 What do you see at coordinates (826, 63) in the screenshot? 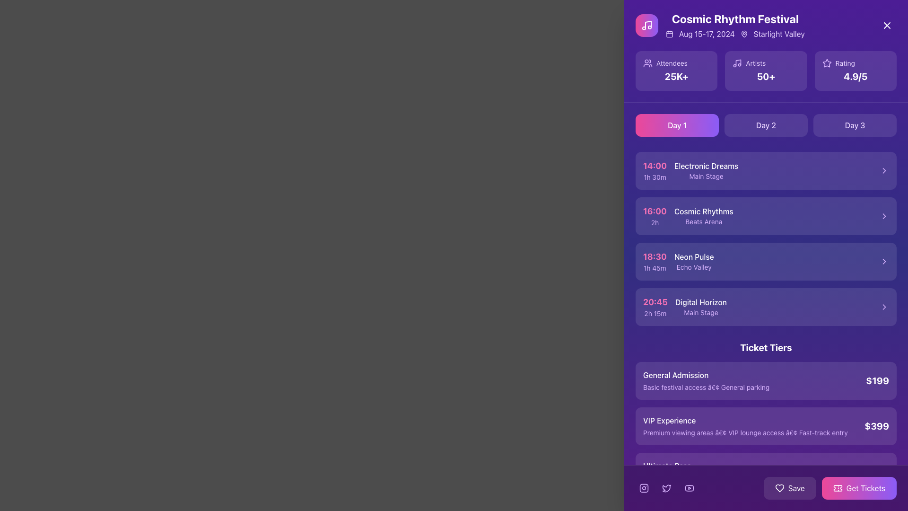
I see `the star icon in the 'Rating' section, located on the right-side panel, which serves as a visual indicator for the rating system` at bounding box center [826, 63].